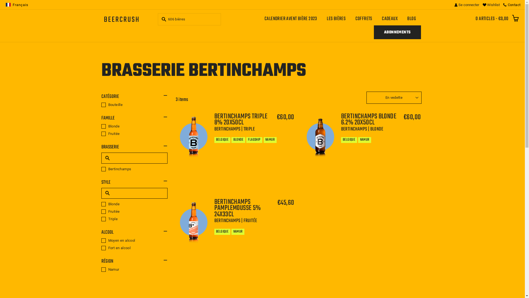 Image resolution: width=529 pixels, height=298 pixels. Describe the element at coordinates (0, 0) in the screenshot. I see `'Passer au contenu'` at that location.